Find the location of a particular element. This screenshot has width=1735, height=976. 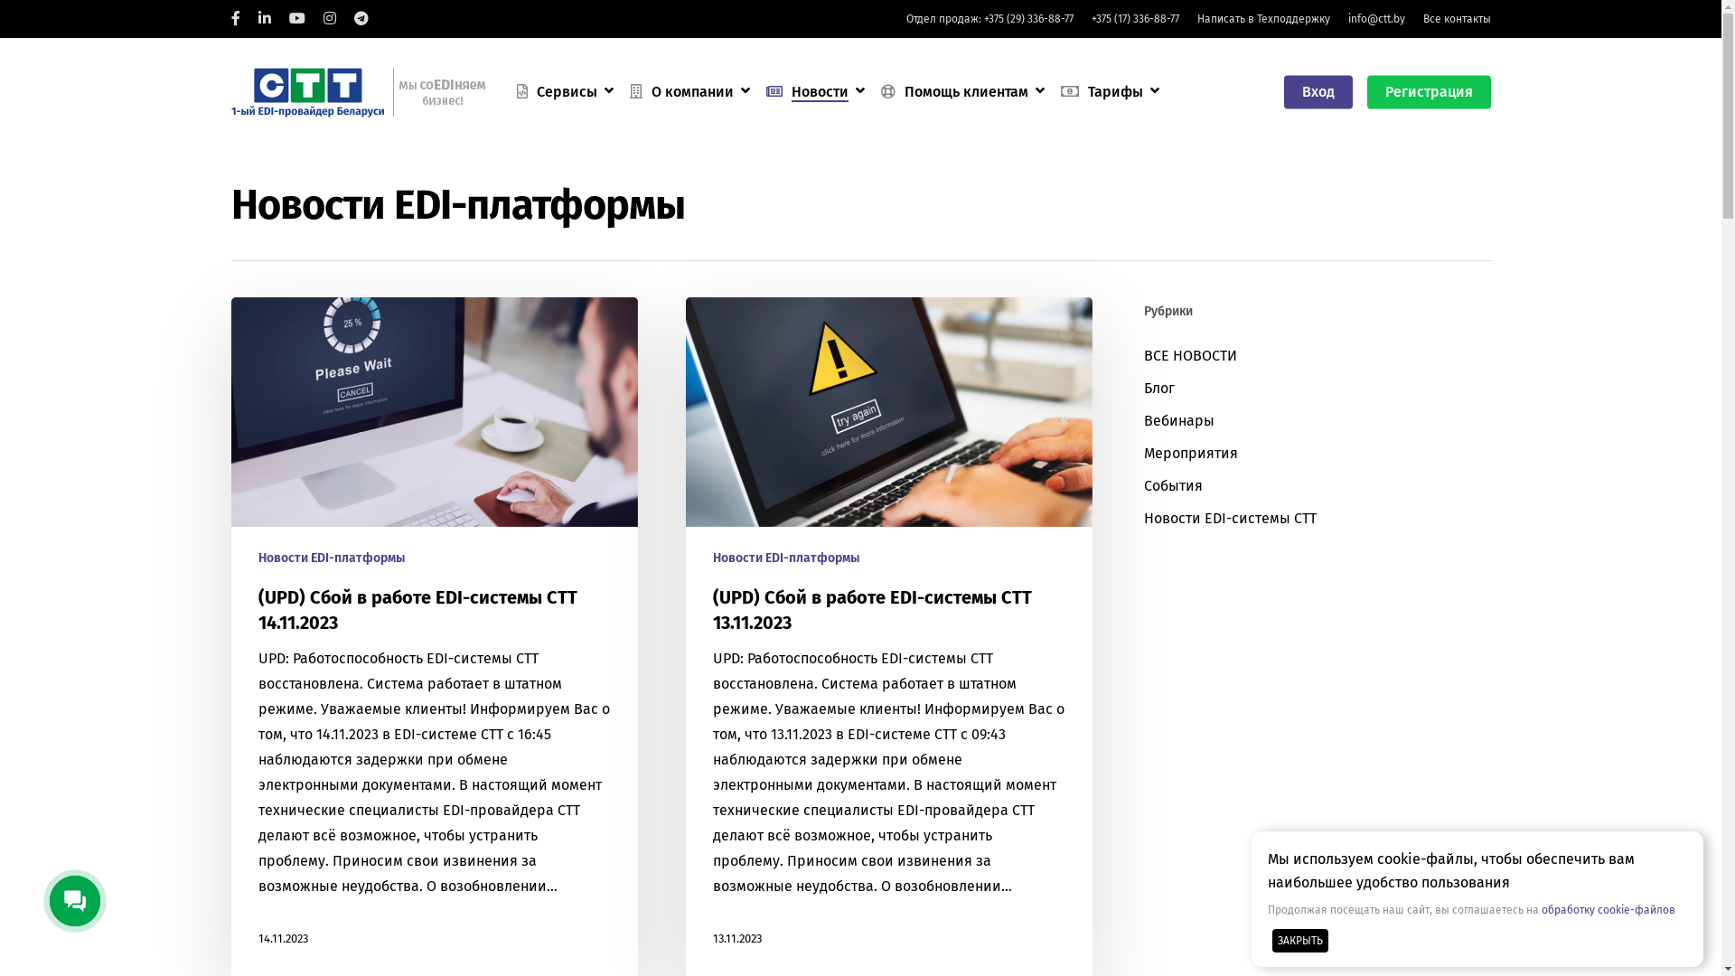

'info@ctt.by' is located at coordinates (1375, 18).